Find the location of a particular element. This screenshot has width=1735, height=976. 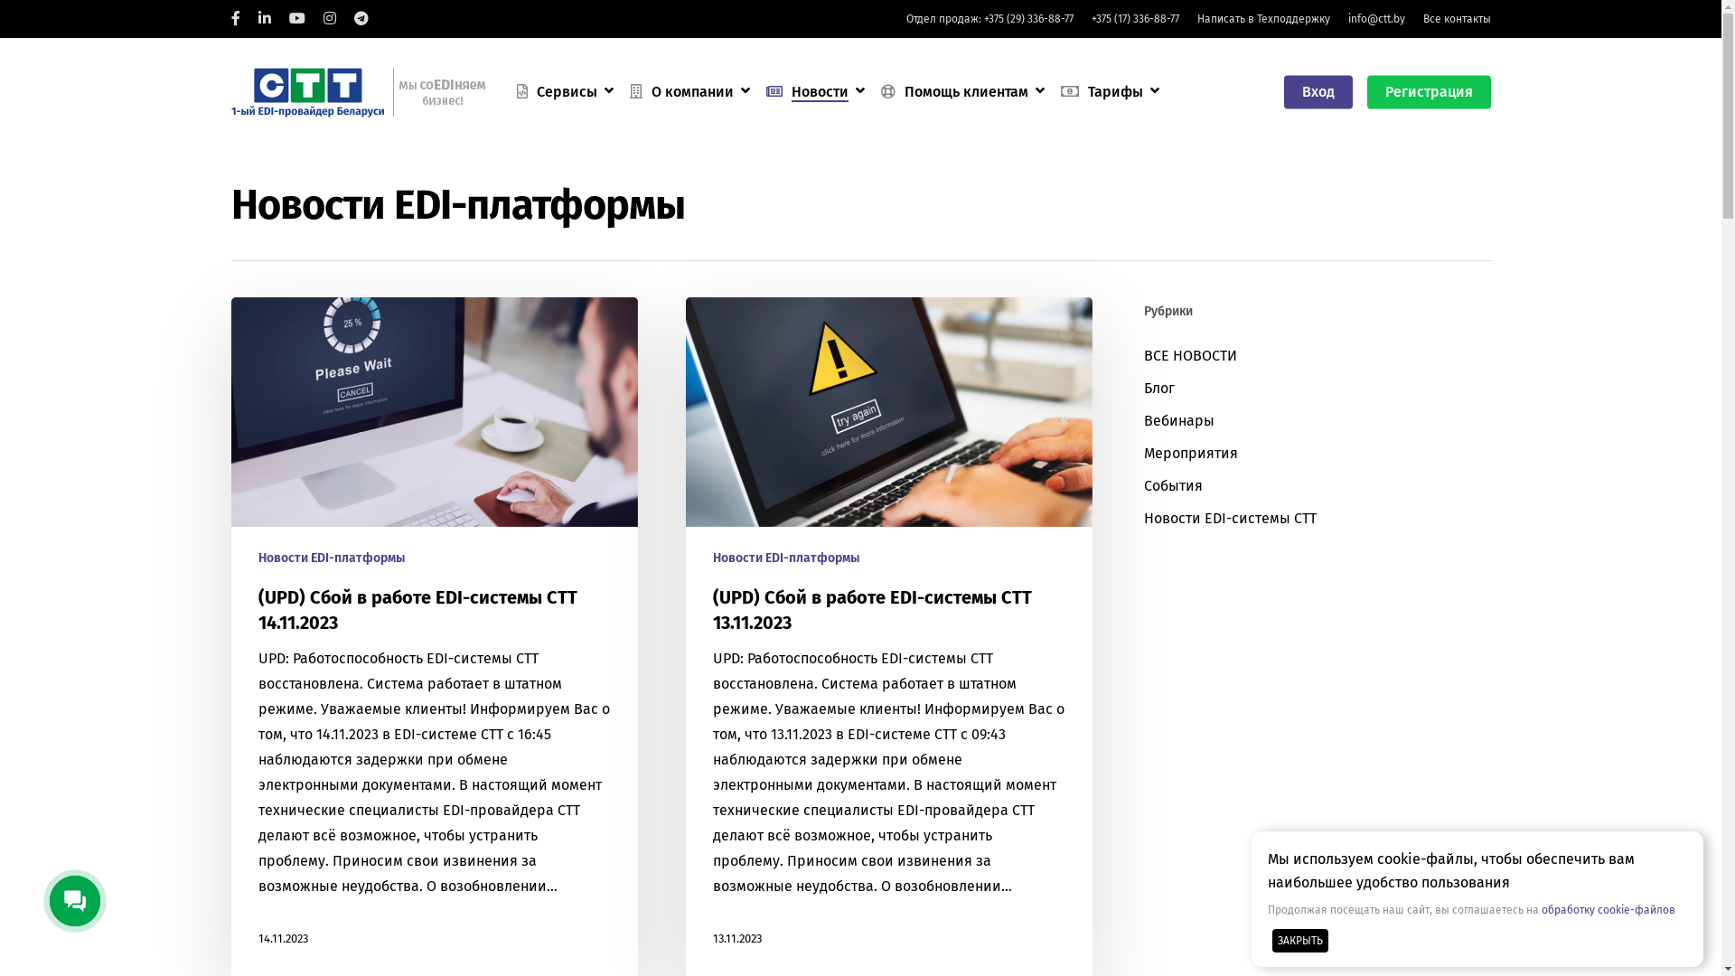

'info@ctt.by' is located at coordinates (1375, 18).